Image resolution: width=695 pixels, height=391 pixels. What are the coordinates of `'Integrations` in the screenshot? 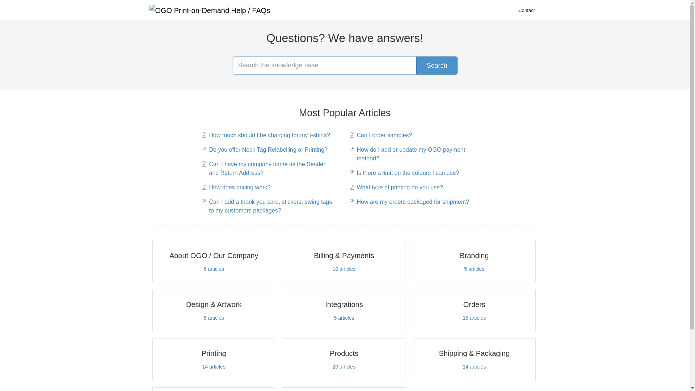 It's located at (344, 310).